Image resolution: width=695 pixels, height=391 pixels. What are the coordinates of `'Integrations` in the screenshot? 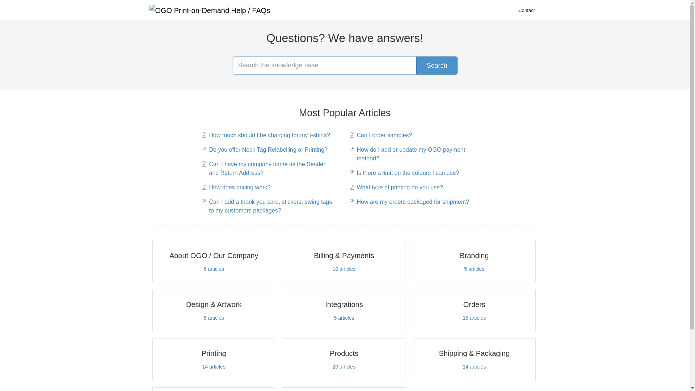 It's located at (344, 310).